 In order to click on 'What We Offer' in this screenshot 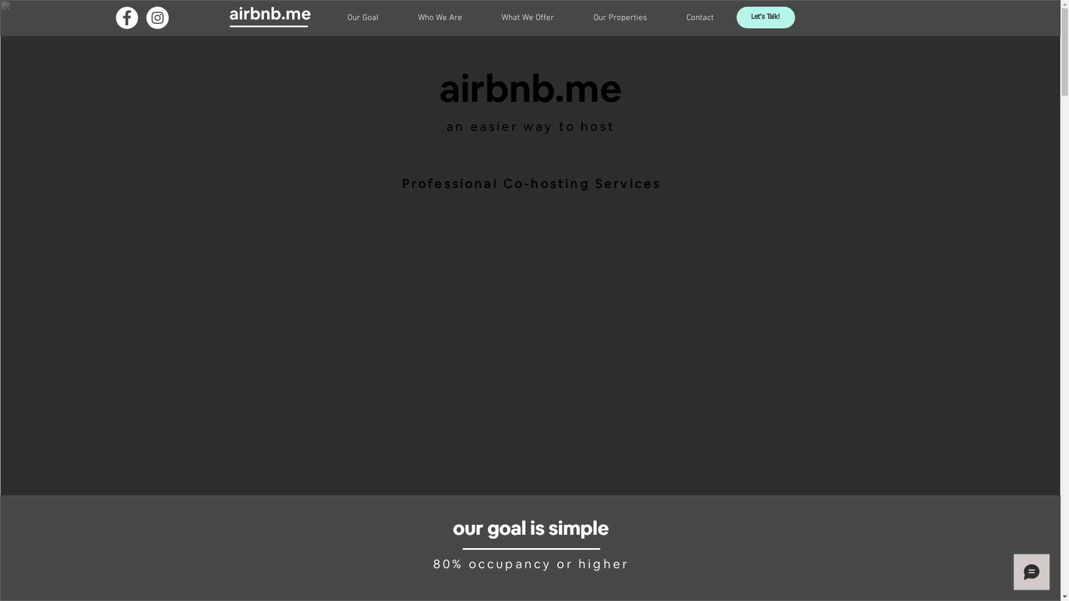, I will do `click(482, 17)`.